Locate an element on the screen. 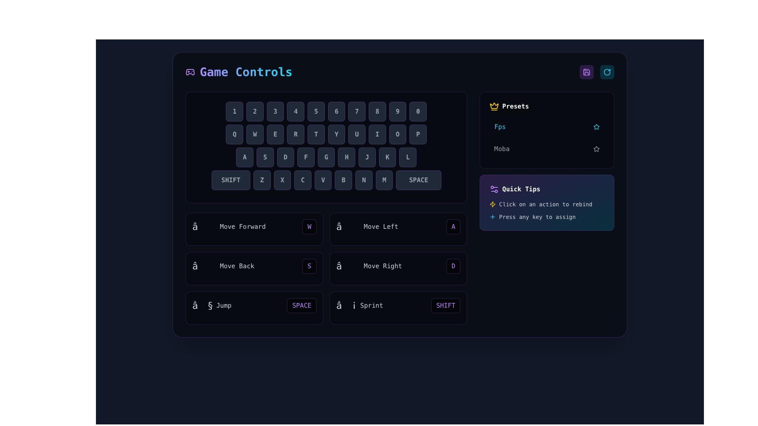 Image resolution: width=758 pixels, height=426 pixels. the 'W' key button located in the top row of the virtual keyboard, positioned between 'Q' and 'E', to simulate a key press is located at coordinates (255, 134).